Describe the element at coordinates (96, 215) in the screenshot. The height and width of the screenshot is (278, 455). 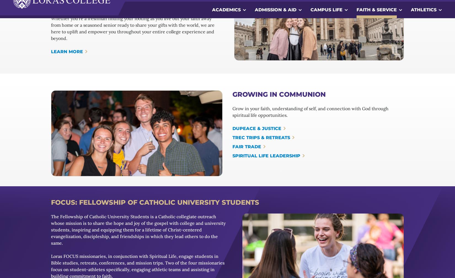
I see `'Loras, a Catholic liberal arts college, creates a community of active learners, reflective thinkers, ethical decision-makers, and responsible contributors in diverse professional, social, and religious roles.'` at that location.